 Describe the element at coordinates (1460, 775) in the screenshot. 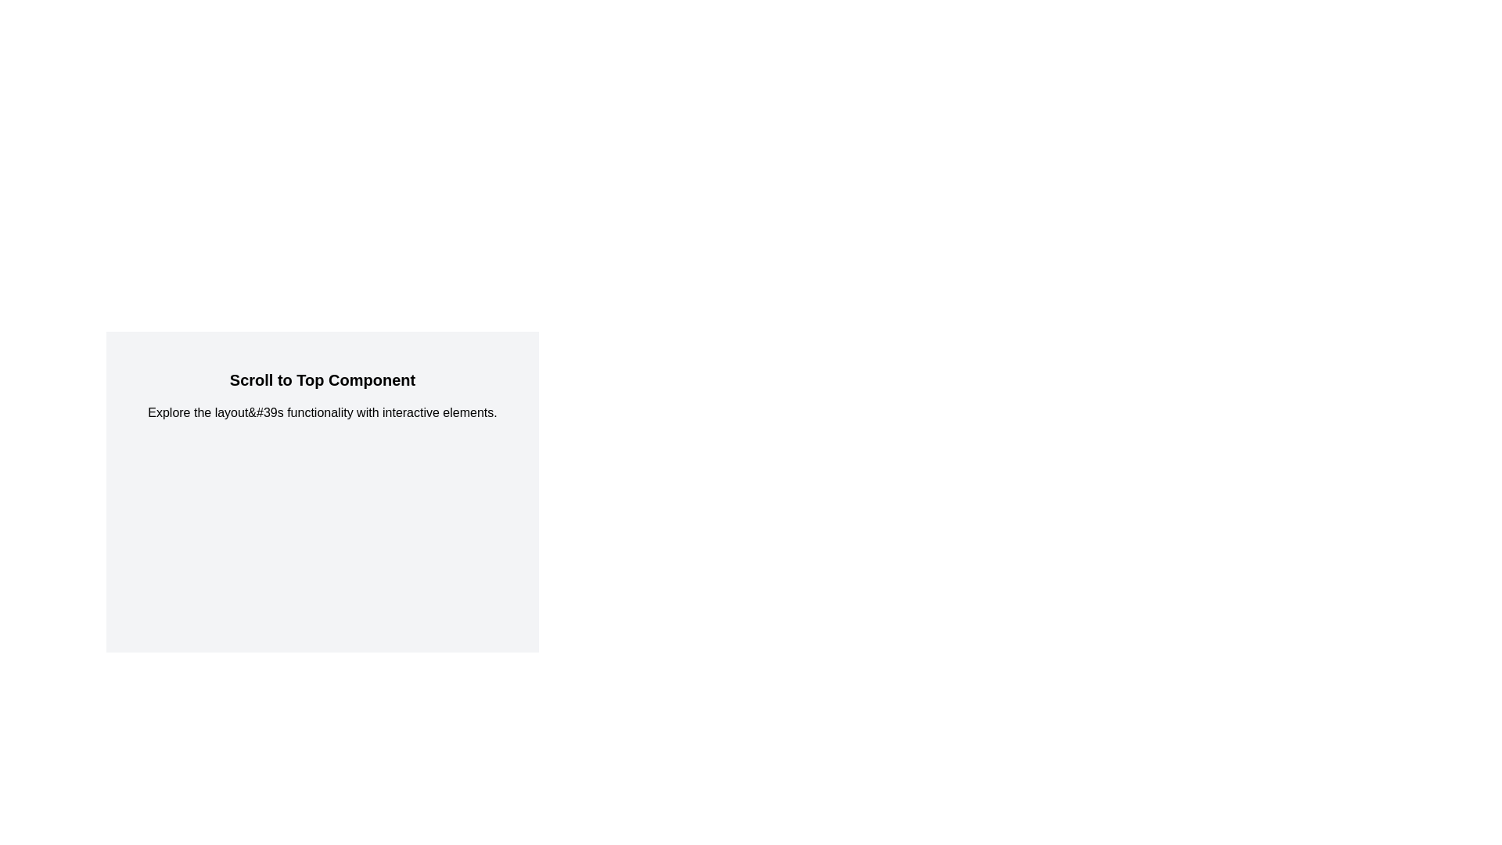

I see `the help button located at the bottom-right of the interface to request help or additional information` at that location.